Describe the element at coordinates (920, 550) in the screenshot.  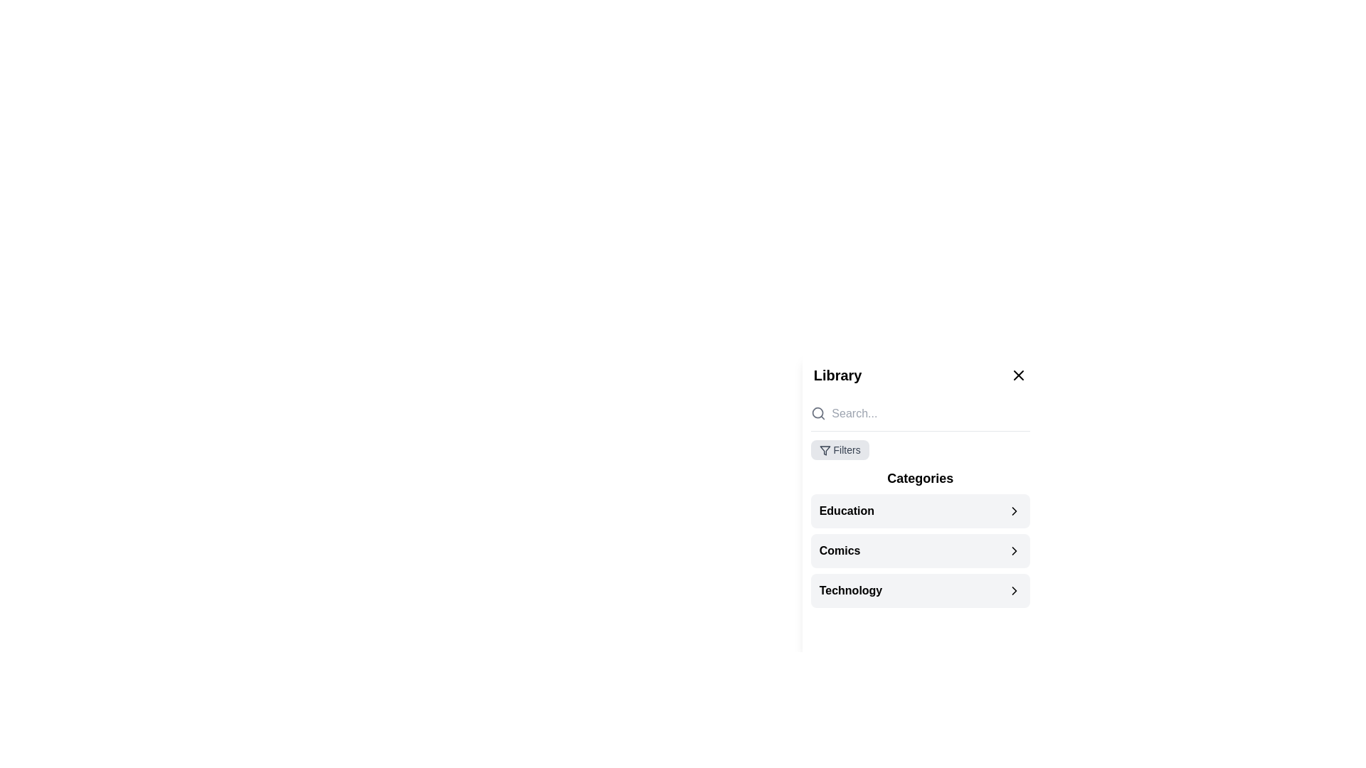
I see `the 'Comics' list item link in the 'Library' sidebar` at that location.